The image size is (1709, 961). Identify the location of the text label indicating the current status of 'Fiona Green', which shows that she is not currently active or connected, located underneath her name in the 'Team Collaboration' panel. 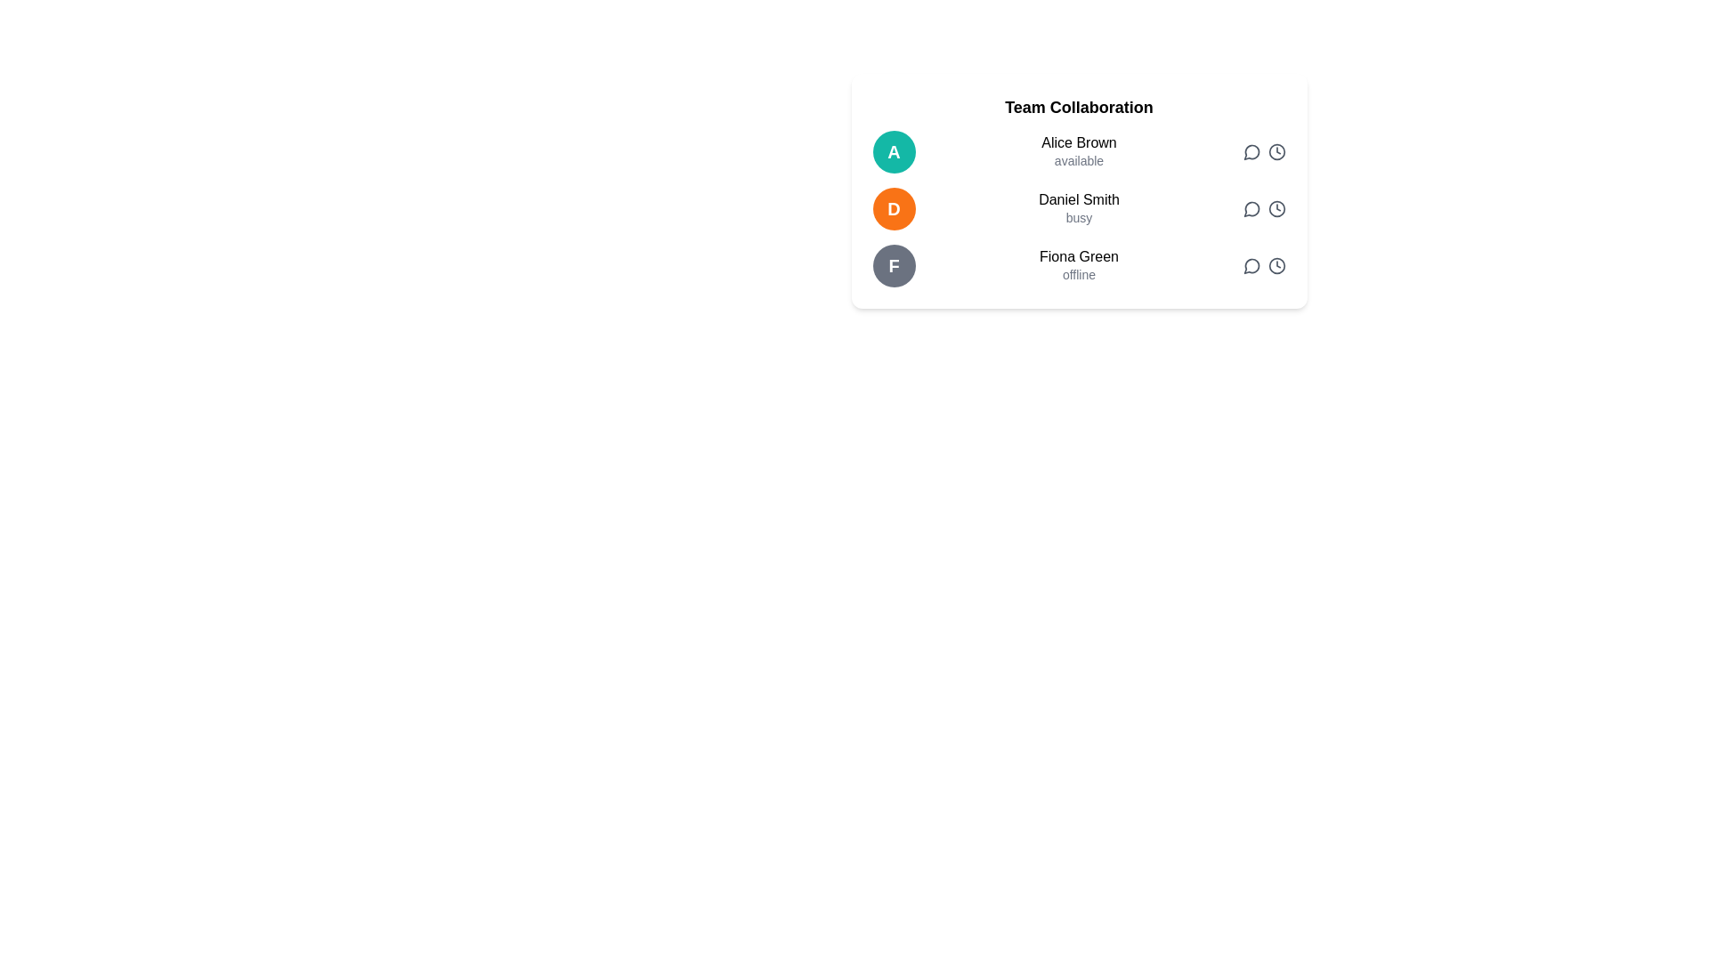
(1078, 274).